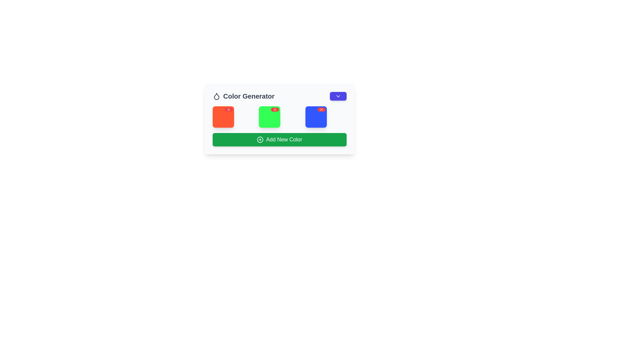 This screenshot has height=361, width=643. I want to click on the center of the second selectable tile in a grid layout, so click(270, 117).